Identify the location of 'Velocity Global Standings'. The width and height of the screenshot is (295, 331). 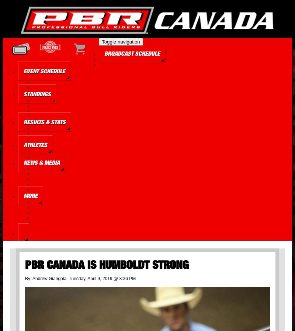
(52, 116).